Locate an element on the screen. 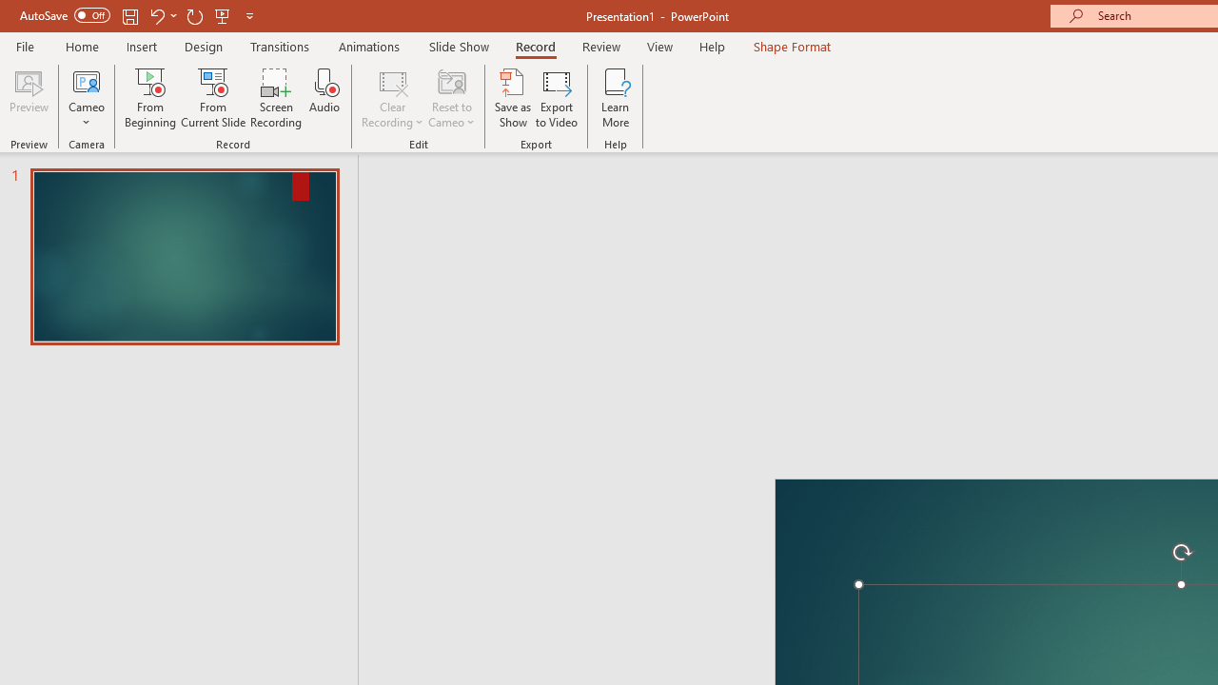 Image resolution: width=1218 pixels, height=685 pixels. 'Help' is located at coordinates (711, 46).